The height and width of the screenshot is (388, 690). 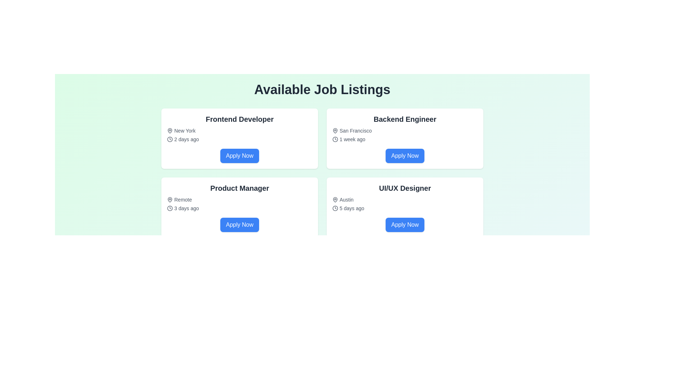 What do you see at coordinates (240, 224) in the screenshot?
I see `the 'Apply Now' button with blue background and white text located at the bottom center of the 'Product Manager' job listing card` at bounding box center [240, 224].